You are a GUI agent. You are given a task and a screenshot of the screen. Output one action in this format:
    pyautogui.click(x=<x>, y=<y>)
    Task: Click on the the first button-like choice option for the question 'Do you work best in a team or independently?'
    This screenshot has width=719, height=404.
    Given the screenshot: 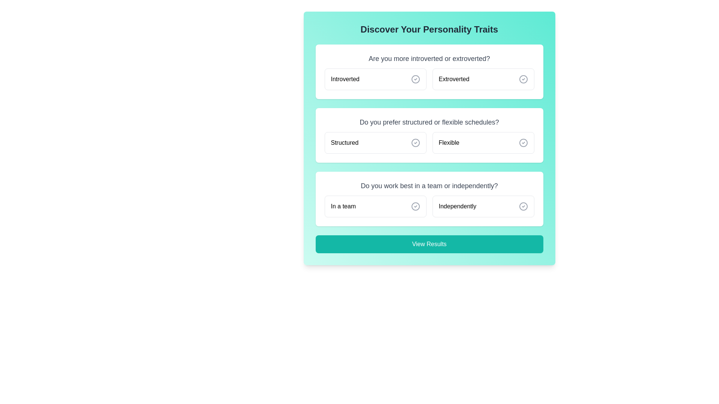 What is the action you would take?
    pyautogui.click(x=375, y=206)
    